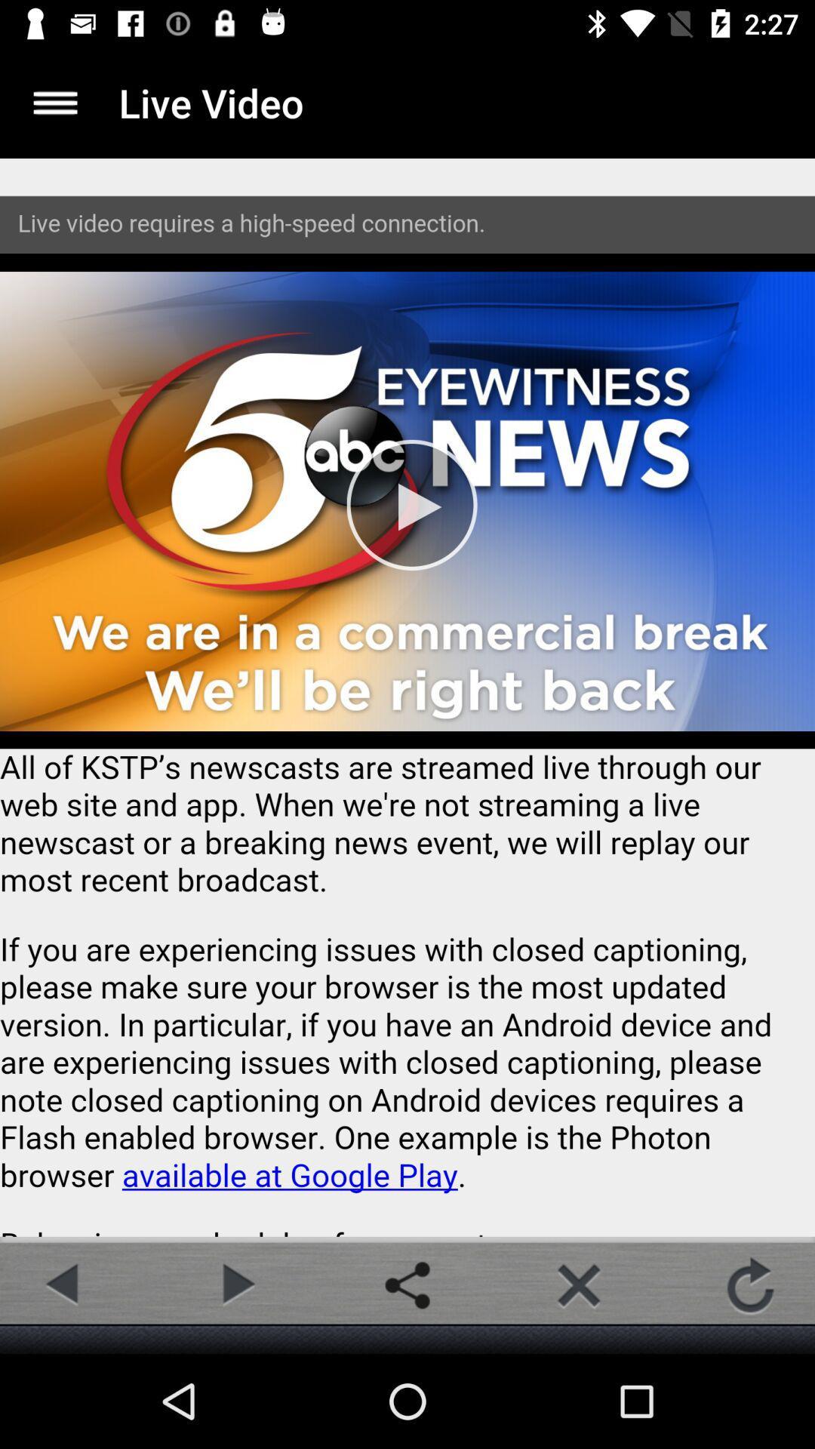  I want to click on the menu icon, so click(54, 102).